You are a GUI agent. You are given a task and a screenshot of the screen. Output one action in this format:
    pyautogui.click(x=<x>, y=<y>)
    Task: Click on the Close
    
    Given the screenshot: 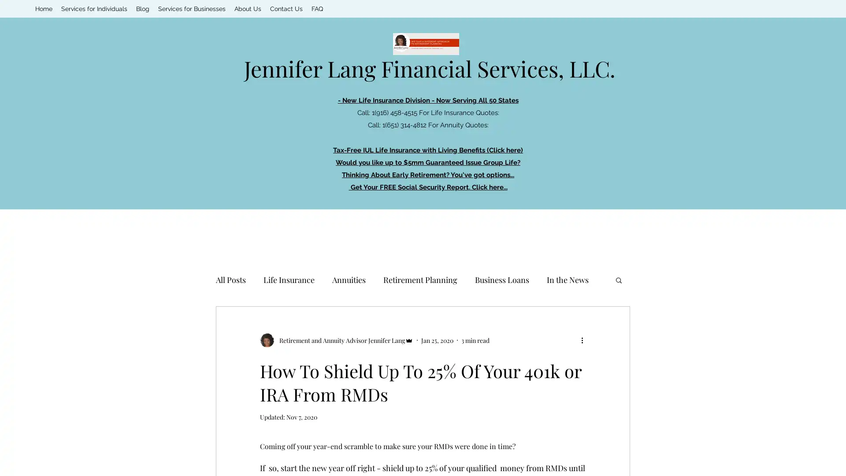 What is the action you would take?
    pyautogui.click(x=835, y=461)
    